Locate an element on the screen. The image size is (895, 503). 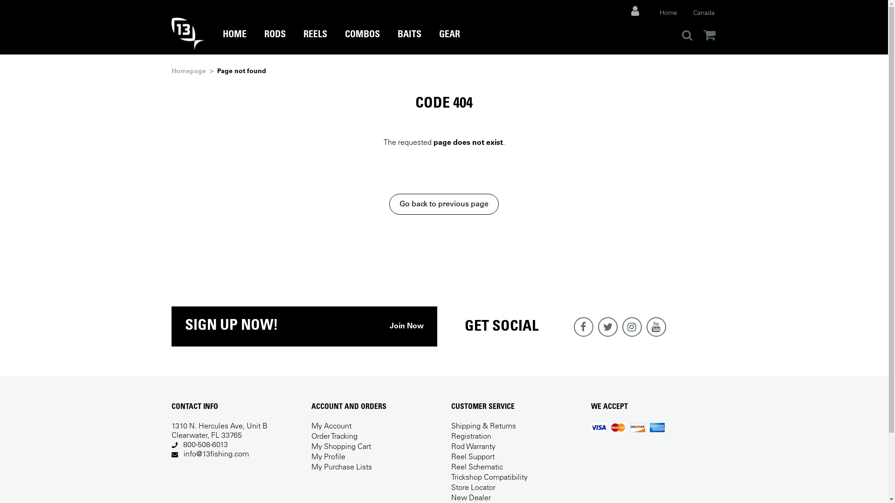
'Join Now' is located at coordinates (389, 326).